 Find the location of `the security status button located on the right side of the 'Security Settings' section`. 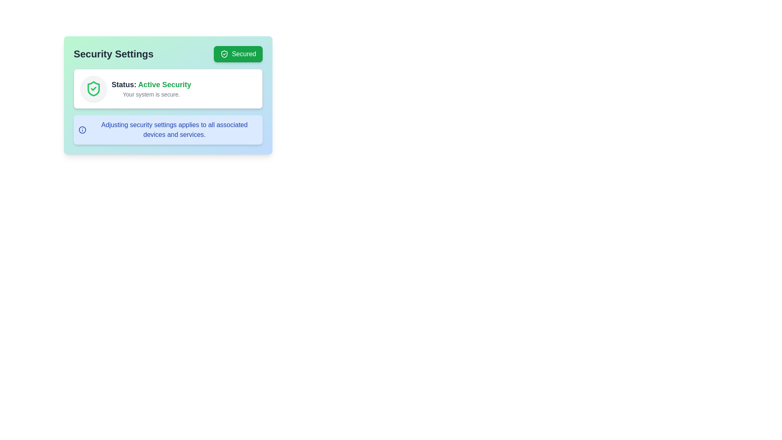

the security status button located on the right side of the 'Security Settings' section is located at coordinates (238, 54).